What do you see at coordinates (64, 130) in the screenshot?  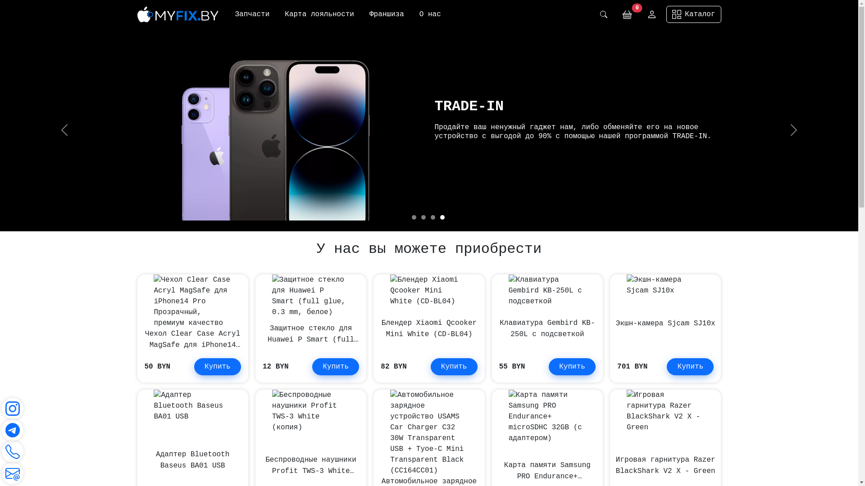 I see `'Previous'` at bounding box center [64, 130].